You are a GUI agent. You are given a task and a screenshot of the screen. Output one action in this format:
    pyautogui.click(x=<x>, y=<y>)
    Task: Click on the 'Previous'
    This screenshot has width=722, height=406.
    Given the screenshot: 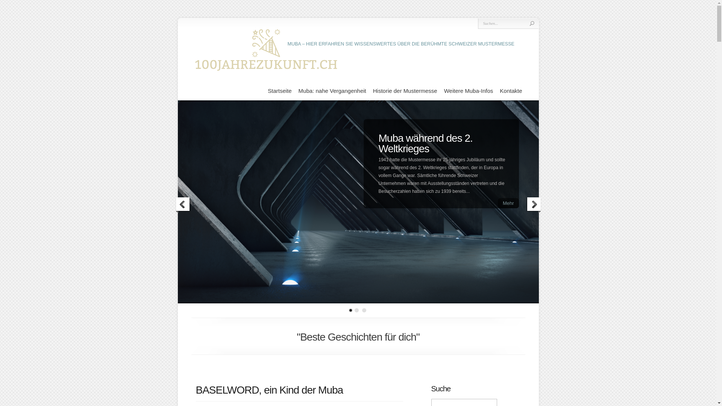 What is the action you would take?
    pyautogui.click(x=182, y=205)
    